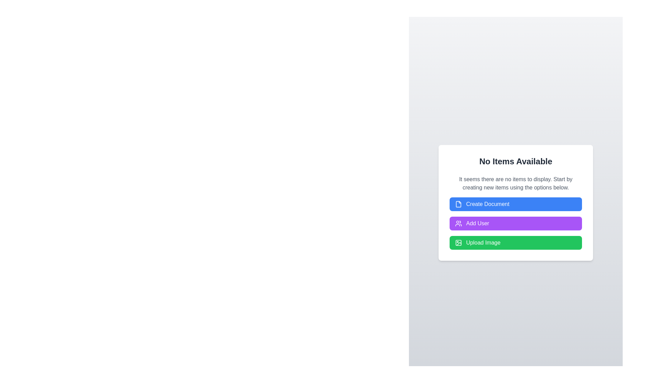  I want to click on the button for creating a new document, located within a white card, below the title 'No Items Available', so click(516, 203).